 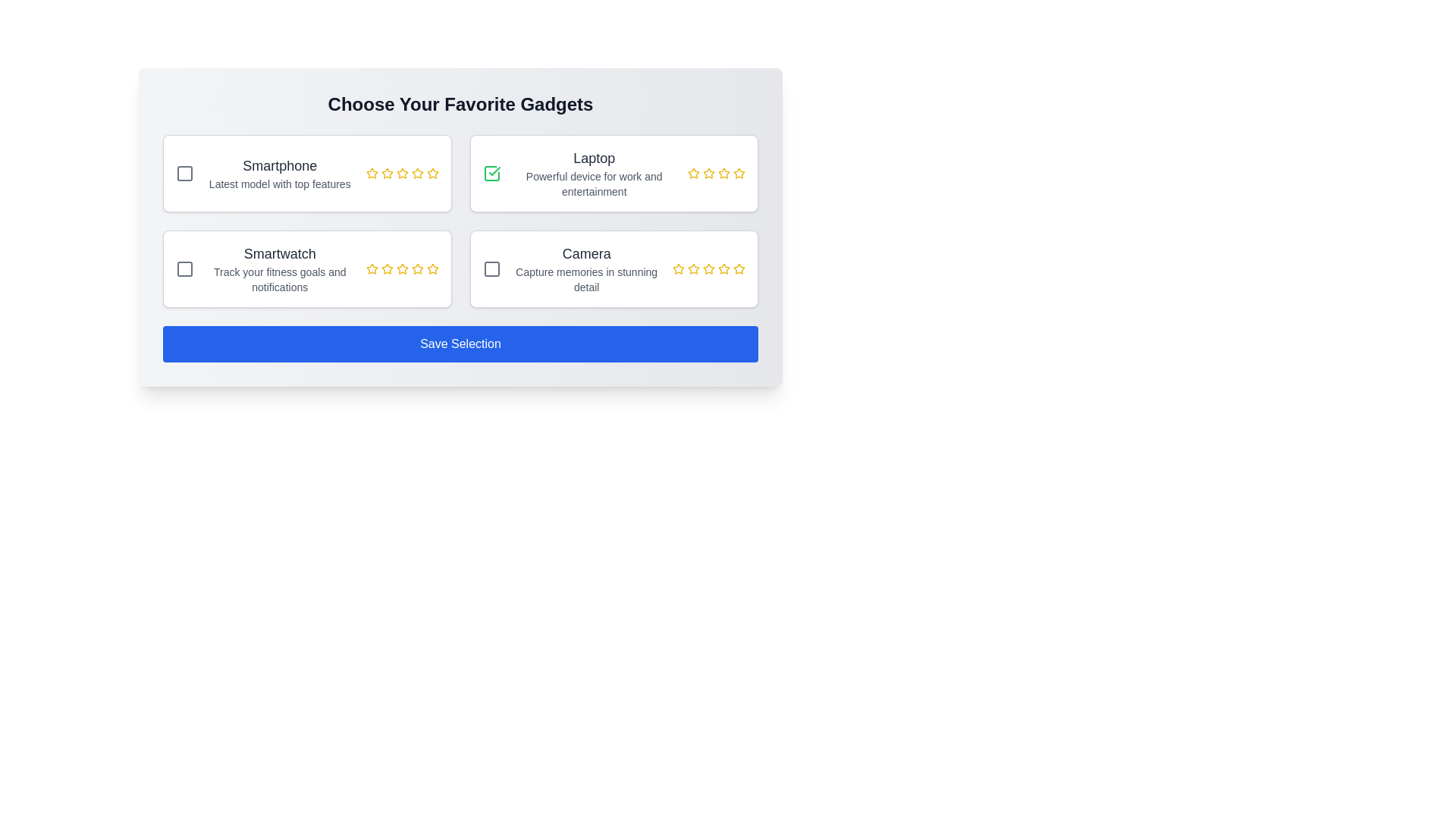 What do you see at coordinates (417, 172) in the screenshot?
I see `the fifth star icon in the rating component for the 'Smartphone' item` at bounding box center [417, 172].